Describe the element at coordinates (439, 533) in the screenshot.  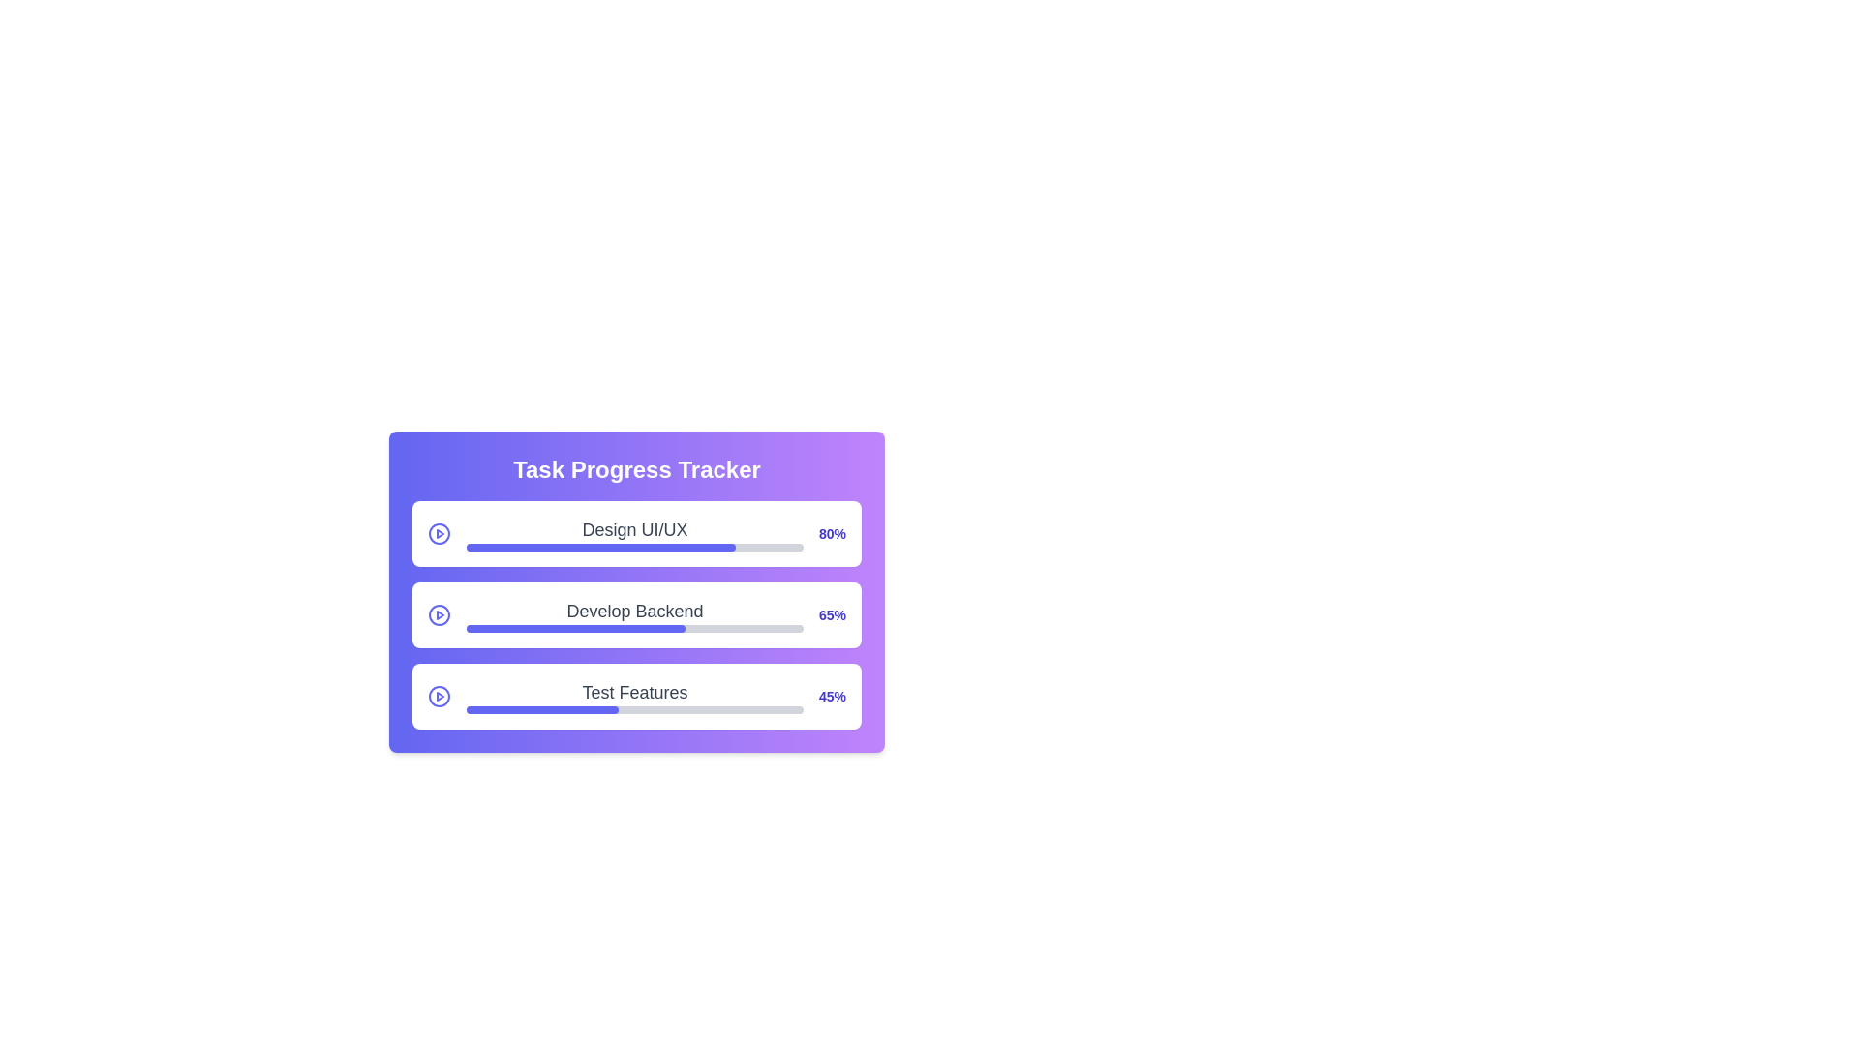
I see `the outermost SVG Circle of the play icon located in the 'Design UI/UX' task entry` at that location.